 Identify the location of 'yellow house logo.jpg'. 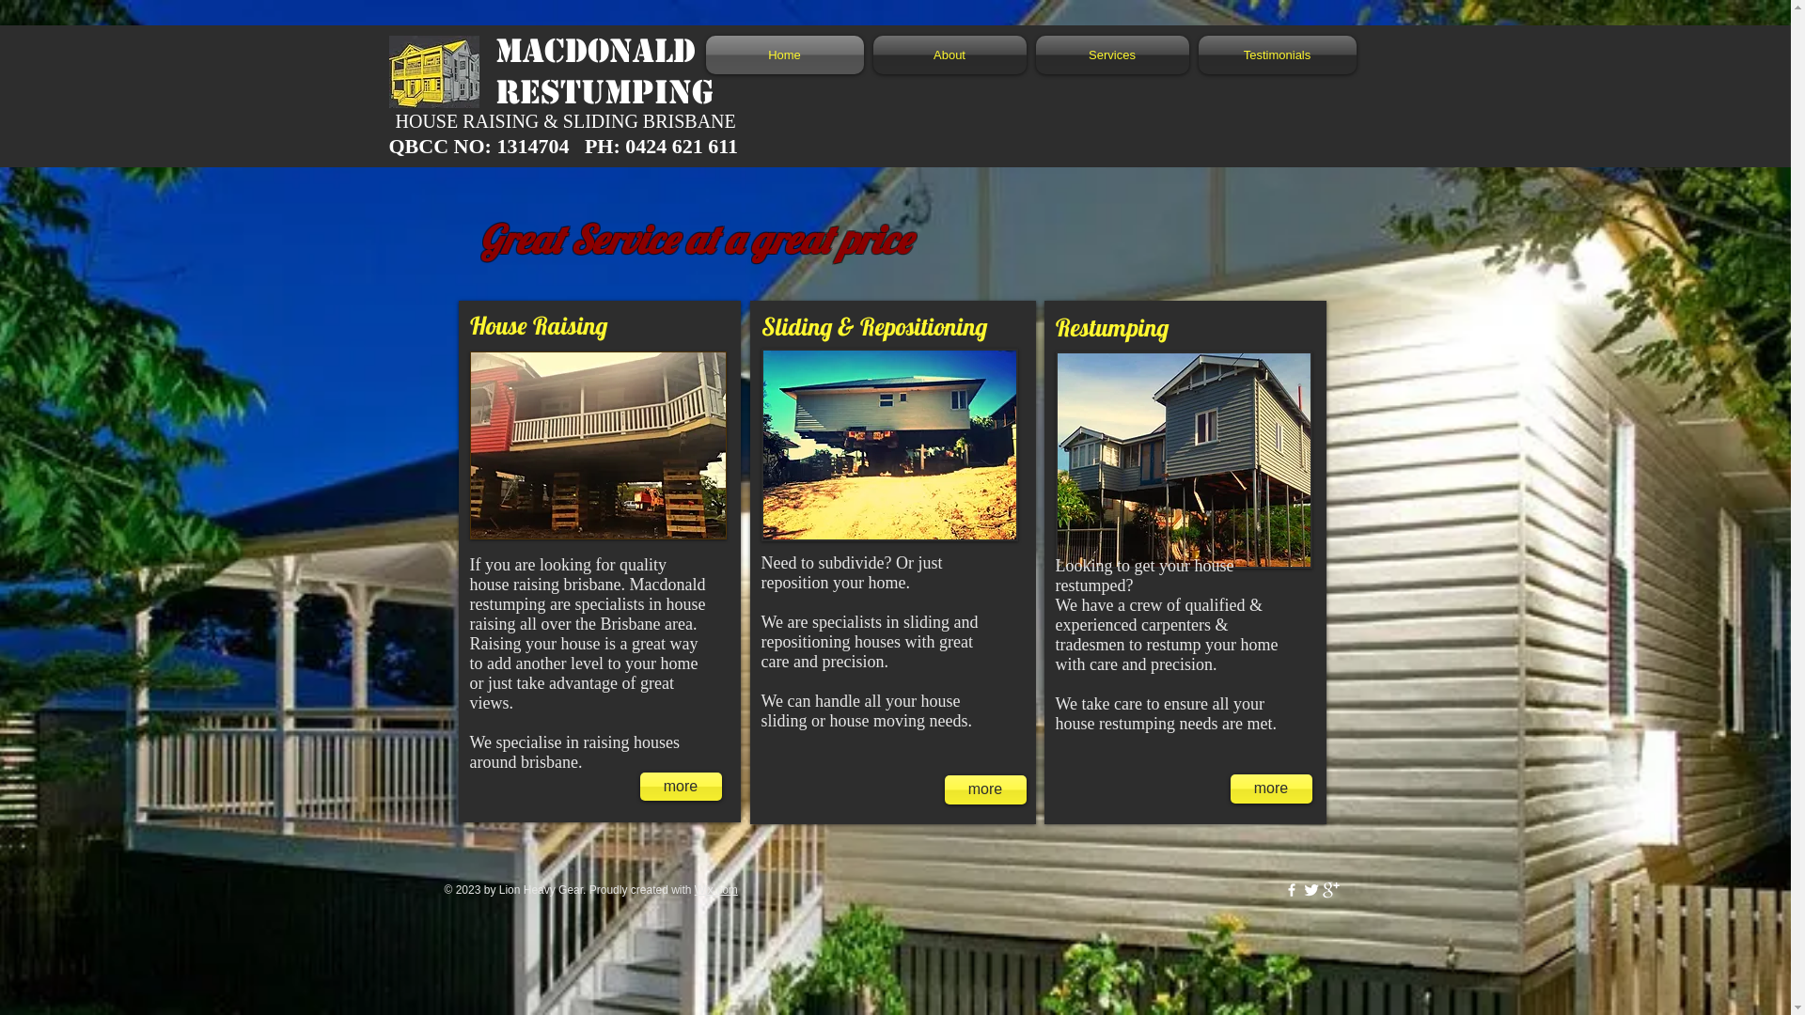
(432, 70).